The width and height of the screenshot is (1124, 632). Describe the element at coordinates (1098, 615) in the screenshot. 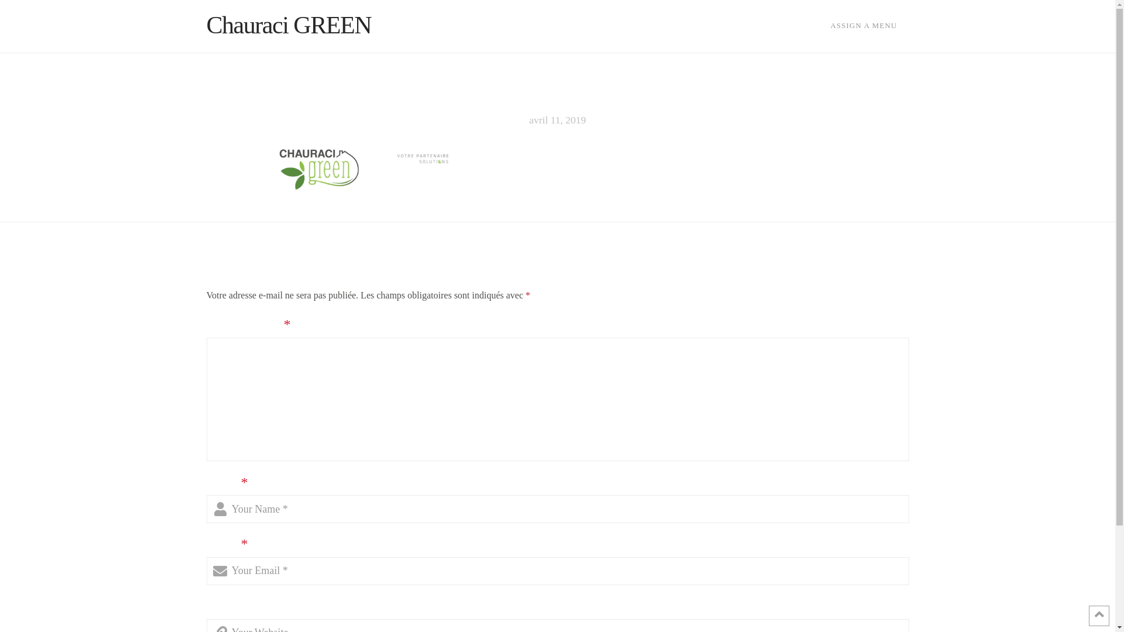

I see `'Back to Top'` at that location.